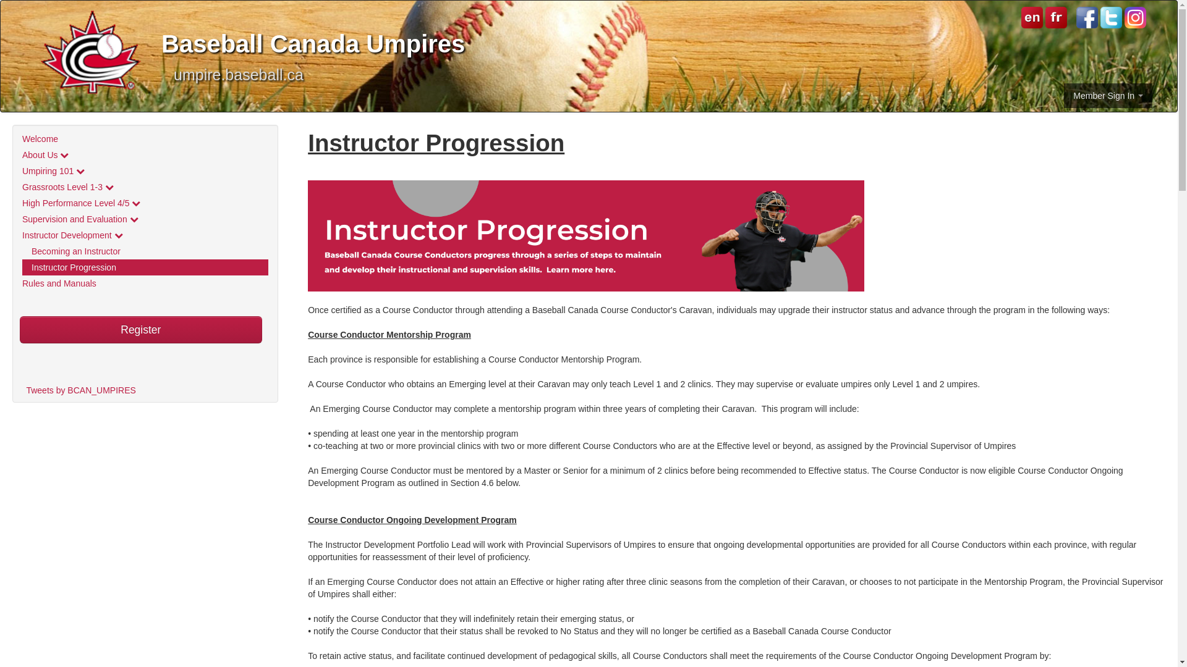 The width and height of the screenshot is (1187, 667). What do you see at coordinates (1086, 17) in the screenshot?
I see `' on Facebook'` at bounding box center [1086, 17].